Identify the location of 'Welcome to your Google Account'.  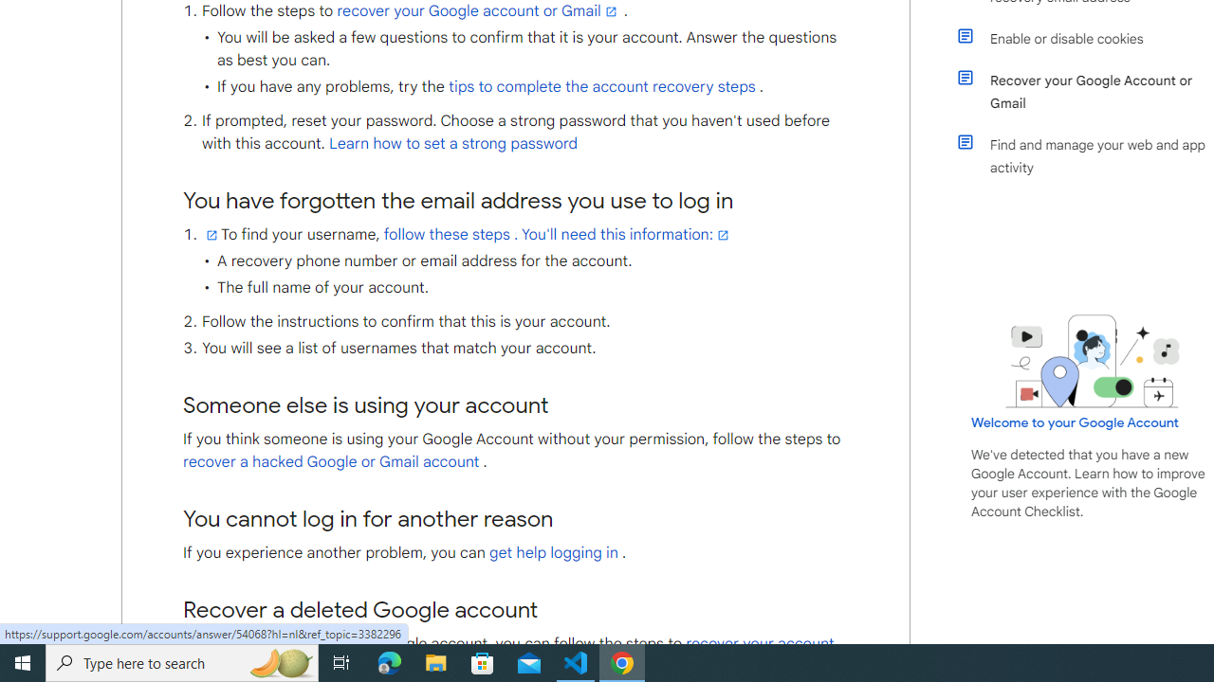
(1076, 422).